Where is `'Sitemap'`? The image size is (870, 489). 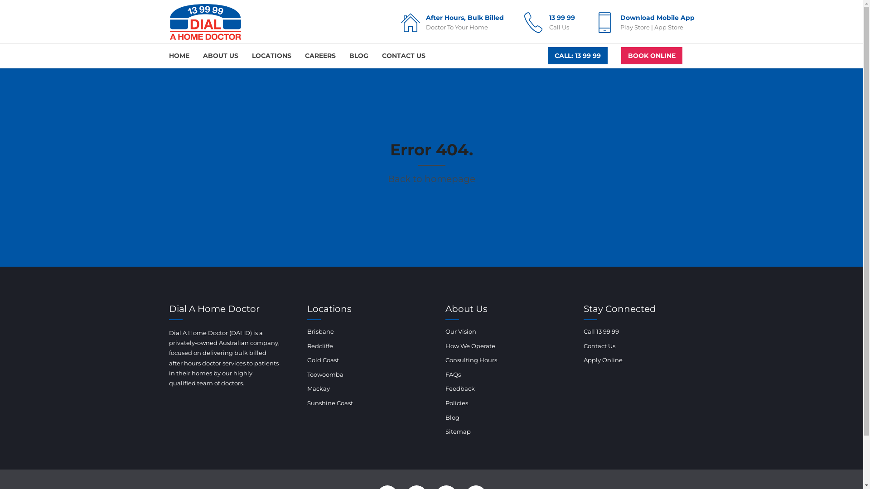 'Sitemap' is located at coordinates (457, 431).